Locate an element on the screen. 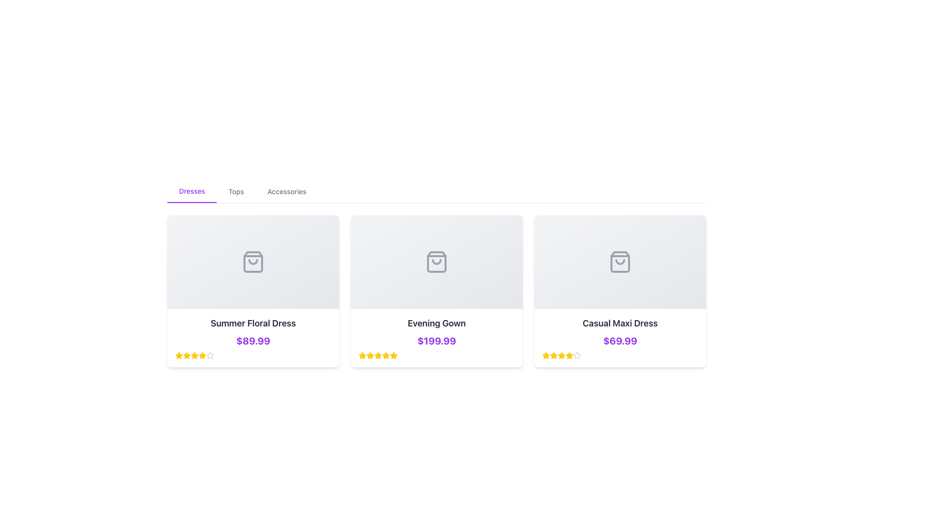 This screenshot has width=937, height=527. the price '$89.99' displayed in bold is located at coordinates (253, 340).